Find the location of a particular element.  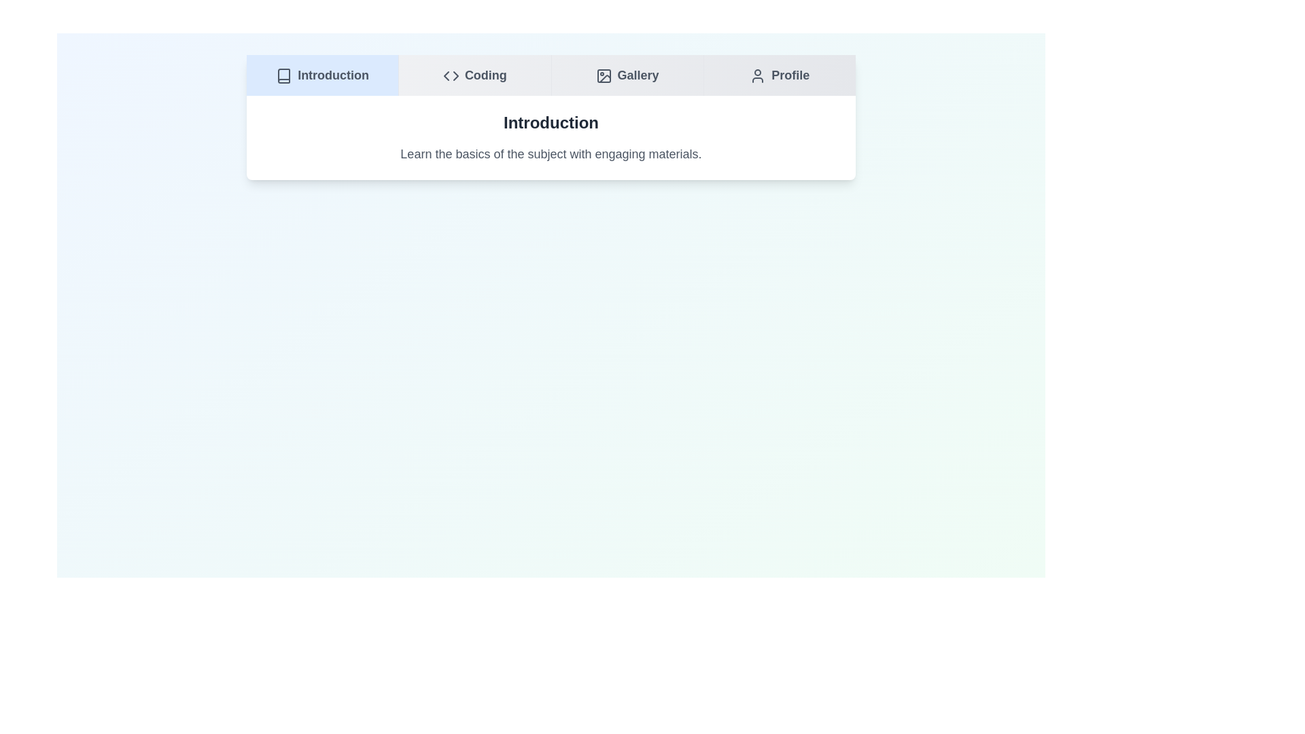

the Profile tab to navigate to it is located at coordinates (779, 75).